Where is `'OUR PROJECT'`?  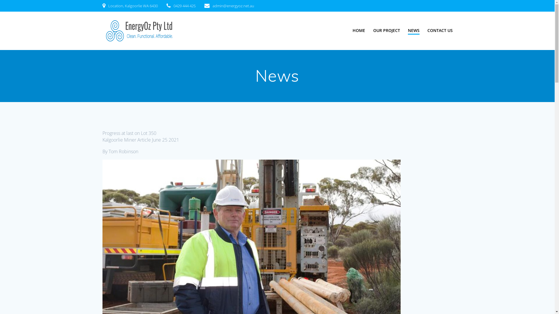 'OUR PROJECT' is located at coordinates (387, 30).